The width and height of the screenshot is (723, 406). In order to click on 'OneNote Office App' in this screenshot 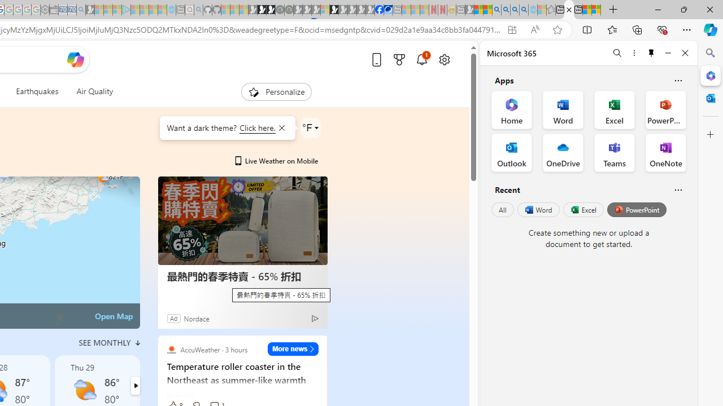, I will do `click(665, 153)`.